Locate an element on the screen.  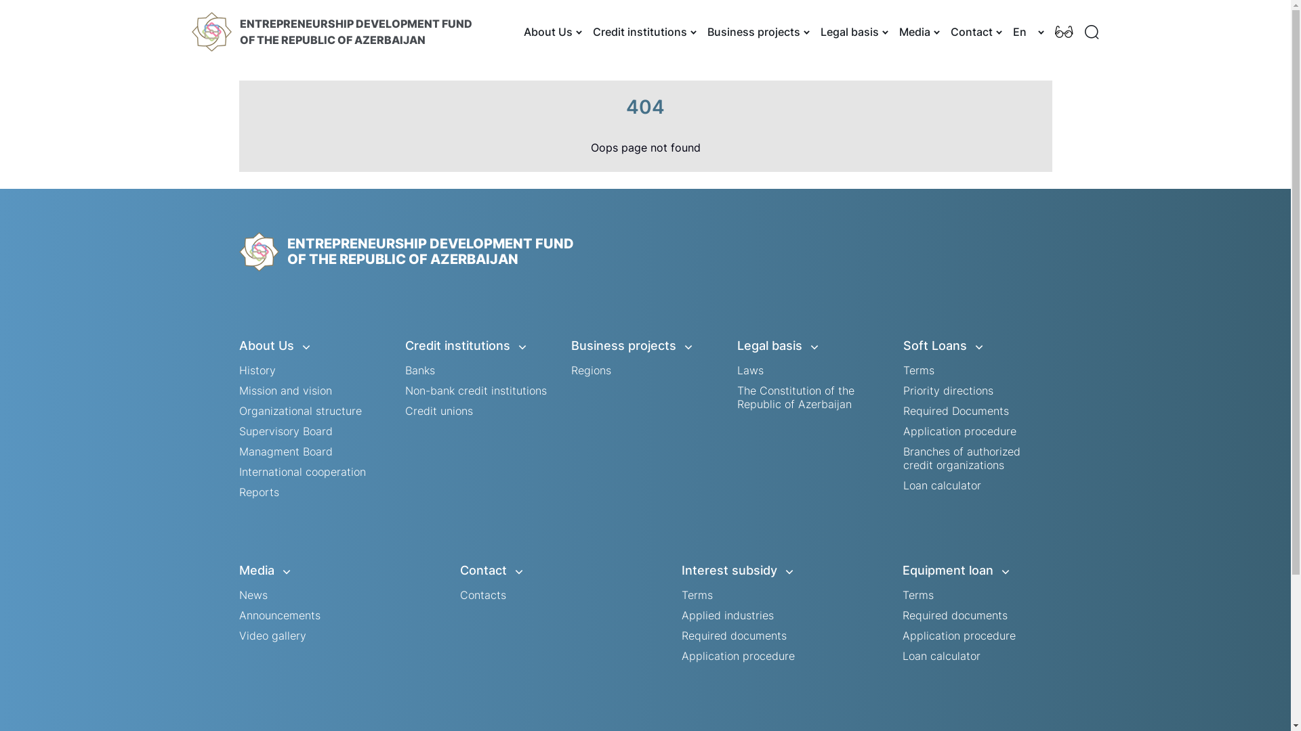
'News' is located at coordinates (253, 594).